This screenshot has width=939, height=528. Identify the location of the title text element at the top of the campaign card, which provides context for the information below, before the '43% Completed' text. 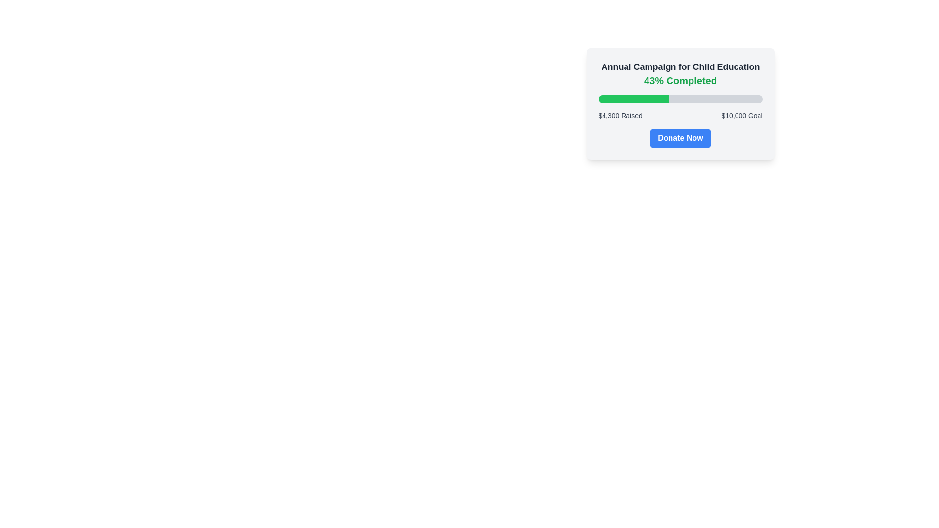
(680, 66).